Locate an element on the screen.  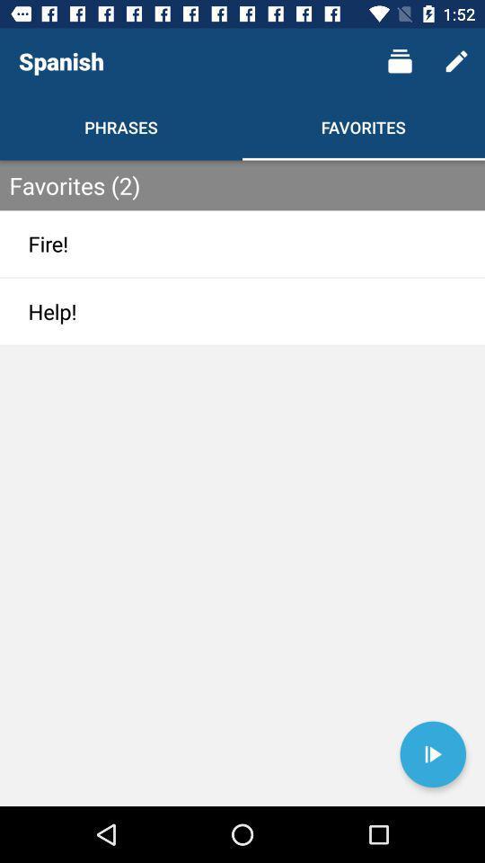
the item at the bottom right corner is located at coordinates (432, 754).